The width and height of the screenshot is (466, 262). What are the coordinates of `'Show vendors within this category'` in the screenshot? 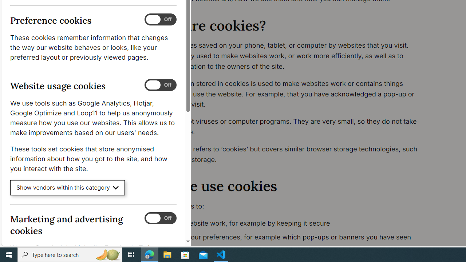 It's located at (67, 187).